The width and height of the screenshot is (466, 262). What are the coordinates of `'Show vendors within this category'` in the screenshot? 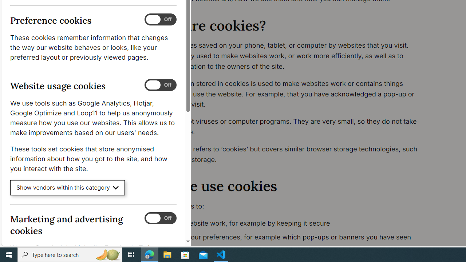 It's located at (67, 187).